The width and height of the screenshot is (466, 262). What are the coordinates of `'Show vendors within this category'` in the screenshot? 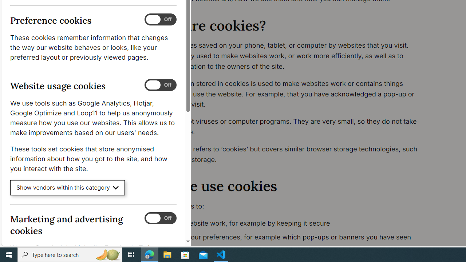 It's located at (67, 187).